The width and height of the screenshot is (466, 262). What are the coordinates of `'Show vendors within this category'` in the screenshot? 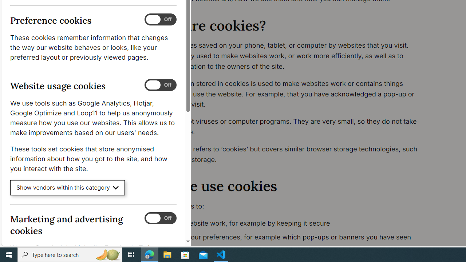 It's located at (67, 187).